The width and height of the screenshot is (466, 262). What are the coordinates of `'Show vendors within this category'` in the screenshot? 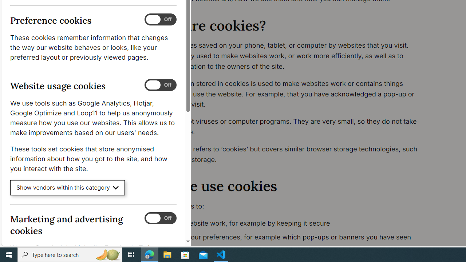 It's located at (67, 187).